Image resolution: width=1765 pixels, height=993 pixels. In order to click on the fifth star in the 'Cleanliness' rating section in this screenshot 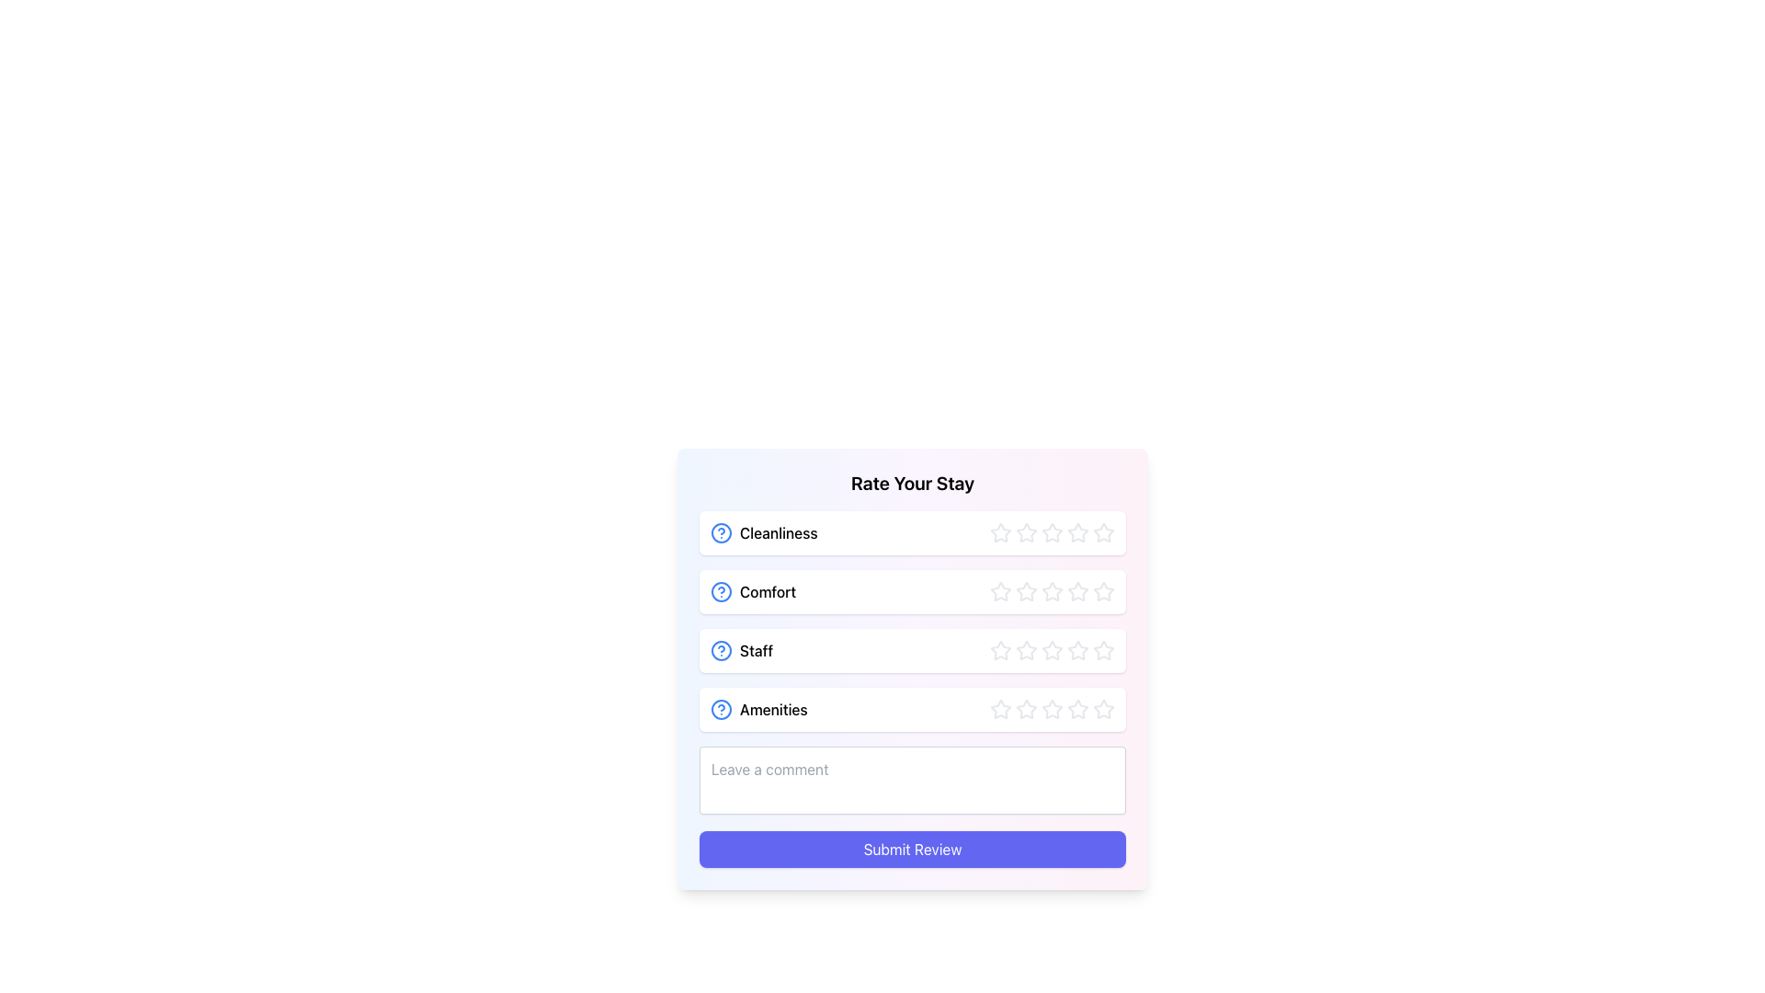, I will do `click(1077, 532)`.